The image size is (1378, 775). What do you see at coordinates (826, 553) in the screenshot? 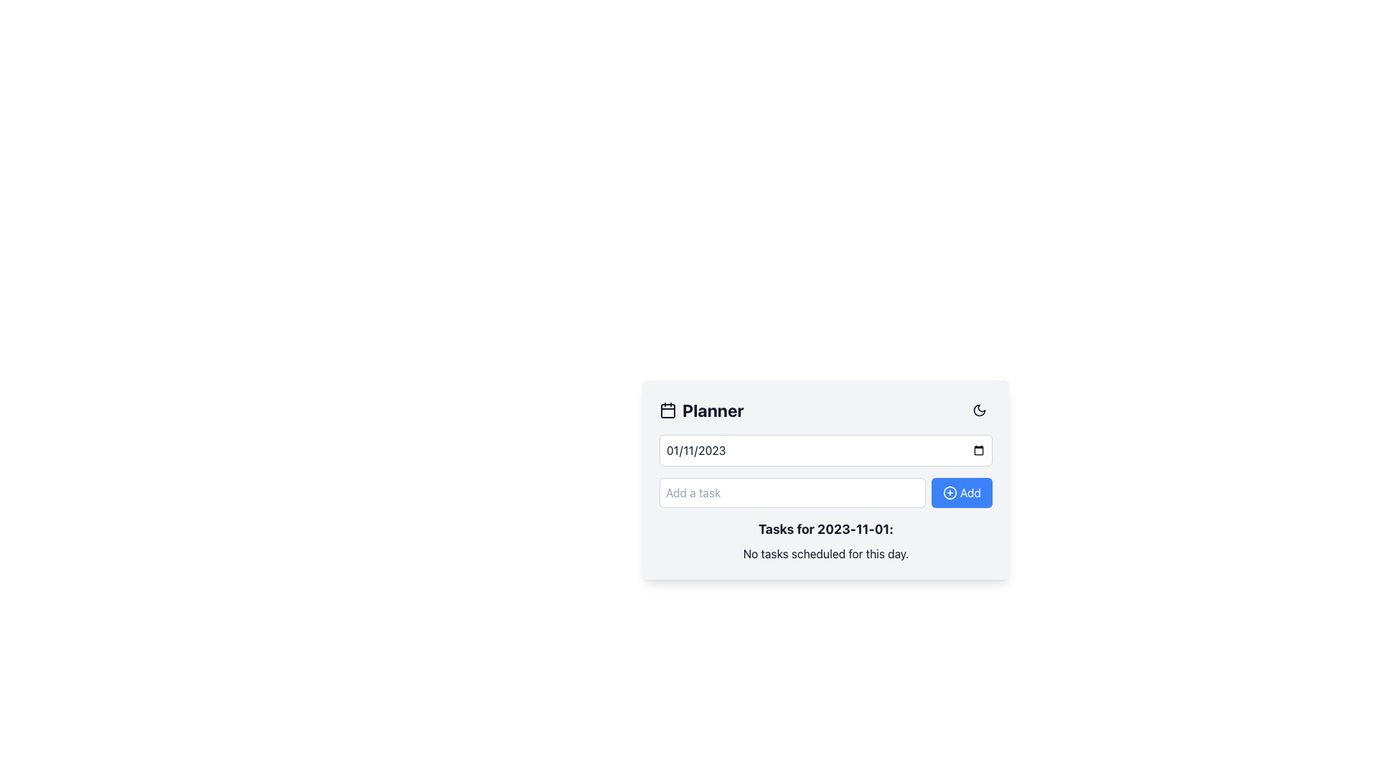
I see `the Static Text indicating no tasks planned for the selected day, located below 'Tasks for 2023-11-01:' in the scheduler interface` at bounding box center [826, 553].